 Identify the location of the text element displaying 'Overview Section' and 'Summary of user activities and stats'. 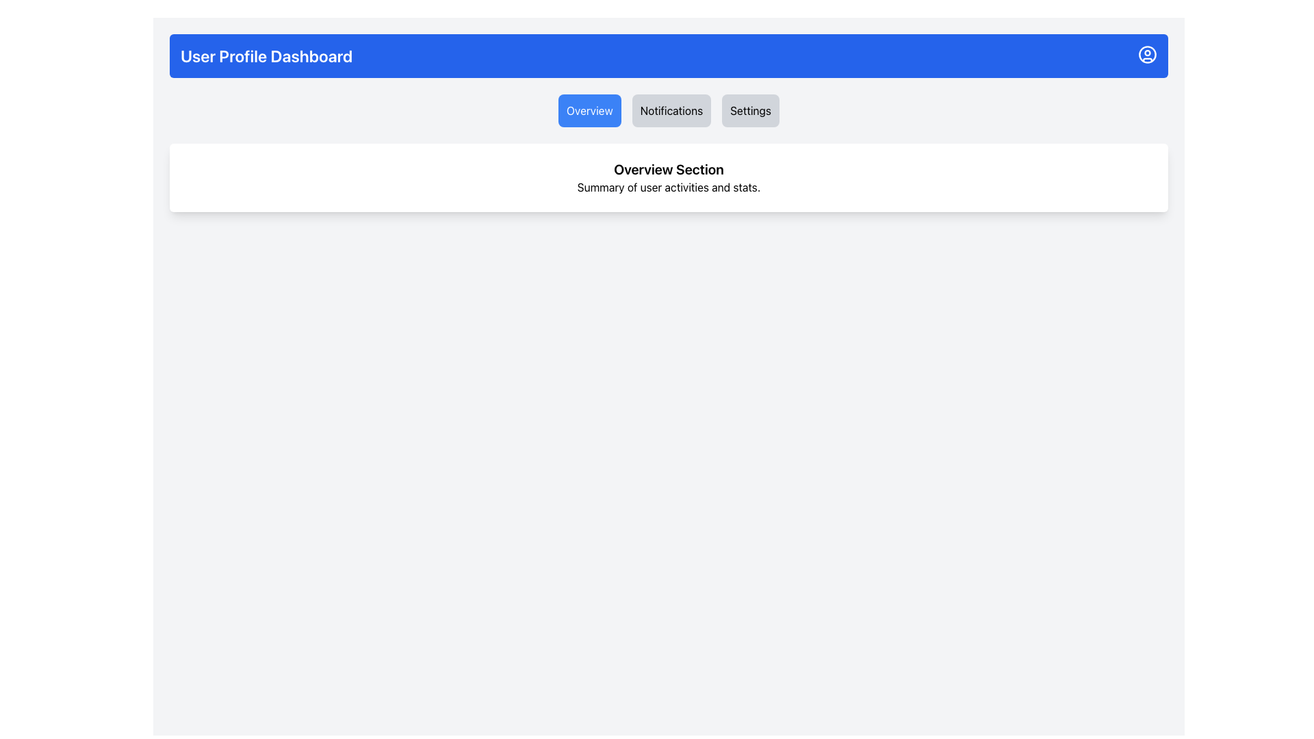
(669, 177).